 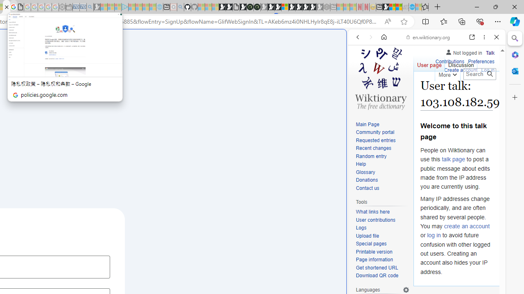 I want to click on 'Log in', so click(x=488, y=70).